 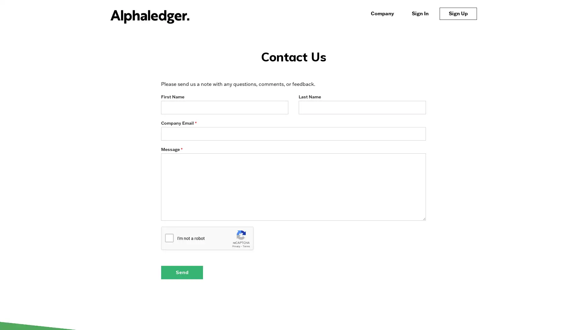 I want to click on Send, so click(x=182, y=272).